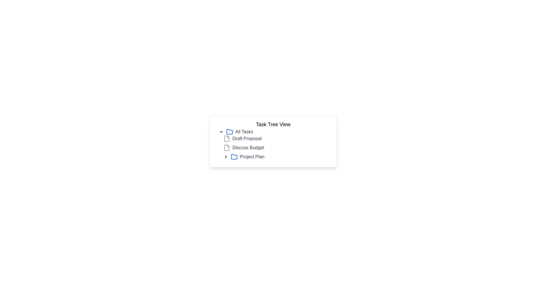 This screenshot has width=547, height=307. What do you see at coordinates (234, 157) in the screenshot?
I see `the 'Project Plan' folder icon located next to the label 'Project Plan' in the task hierarchy view` at bounding box center [234, 157].